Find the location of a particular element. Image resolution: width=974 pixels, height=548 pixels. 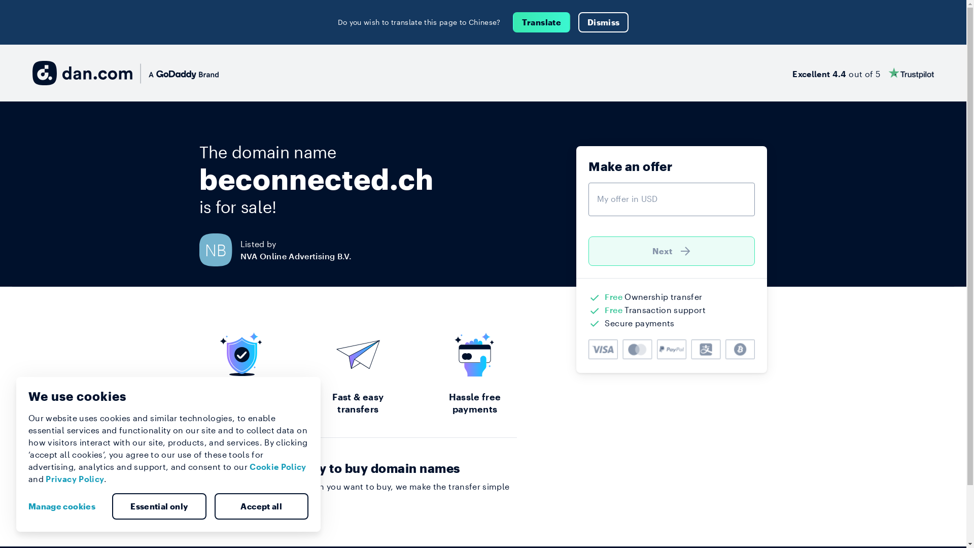

'Cookie Policy' is located at coordinates (277, 466).